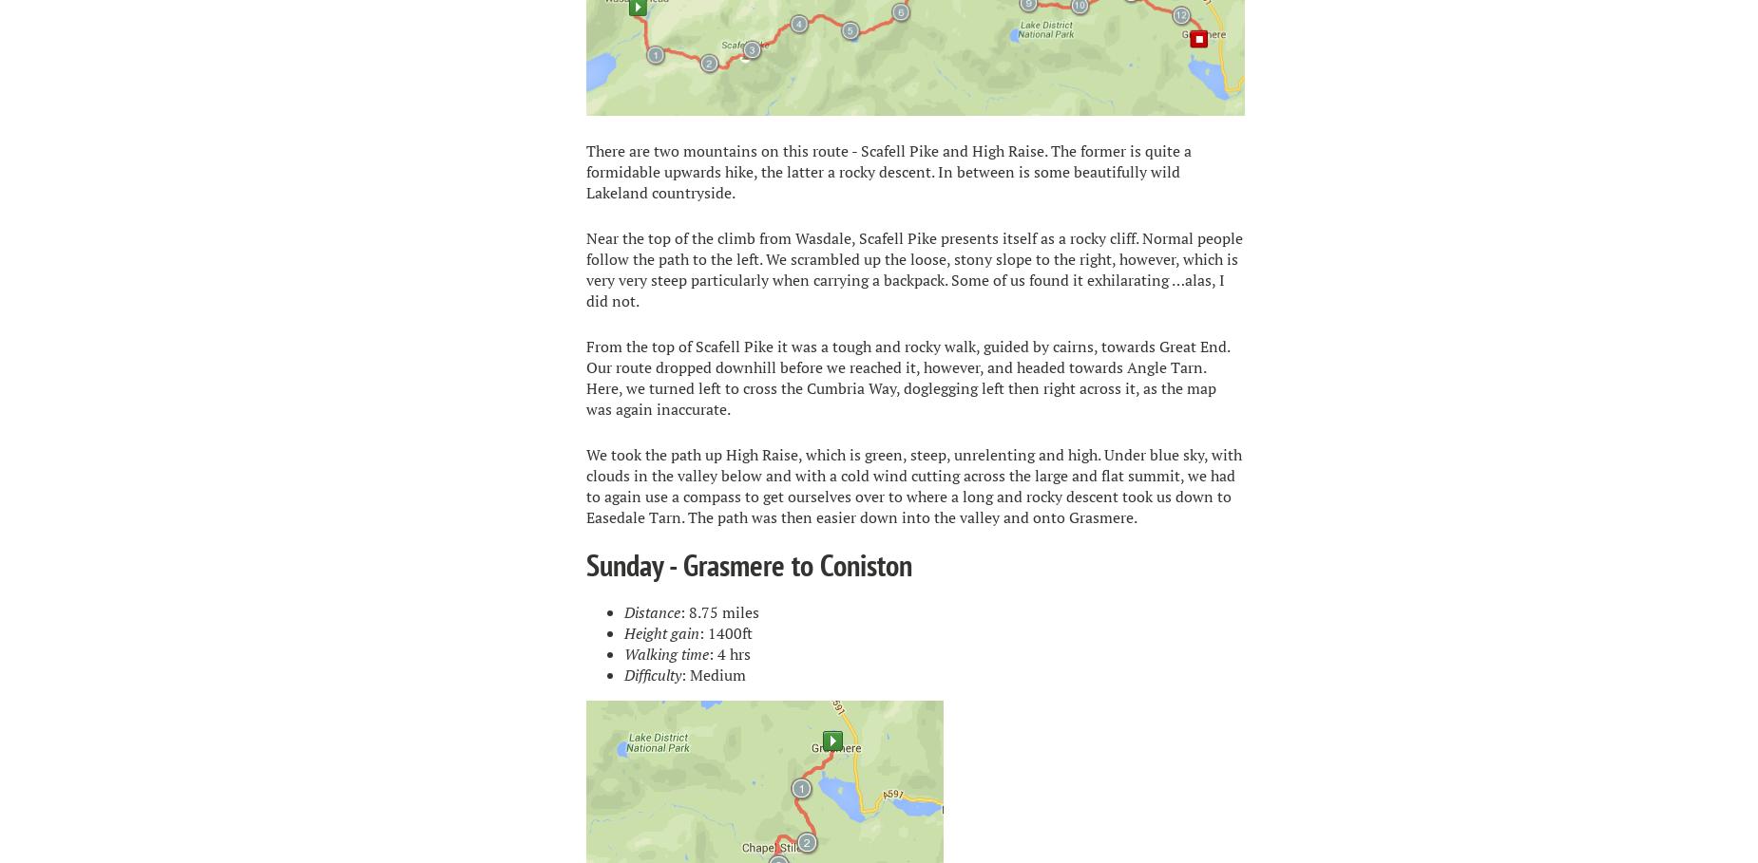 The height and width of the screenshot is (863, 1758). Describe the element at coordinates (623, 673) in the screenshot. I see `'Difficulty'` at that location.